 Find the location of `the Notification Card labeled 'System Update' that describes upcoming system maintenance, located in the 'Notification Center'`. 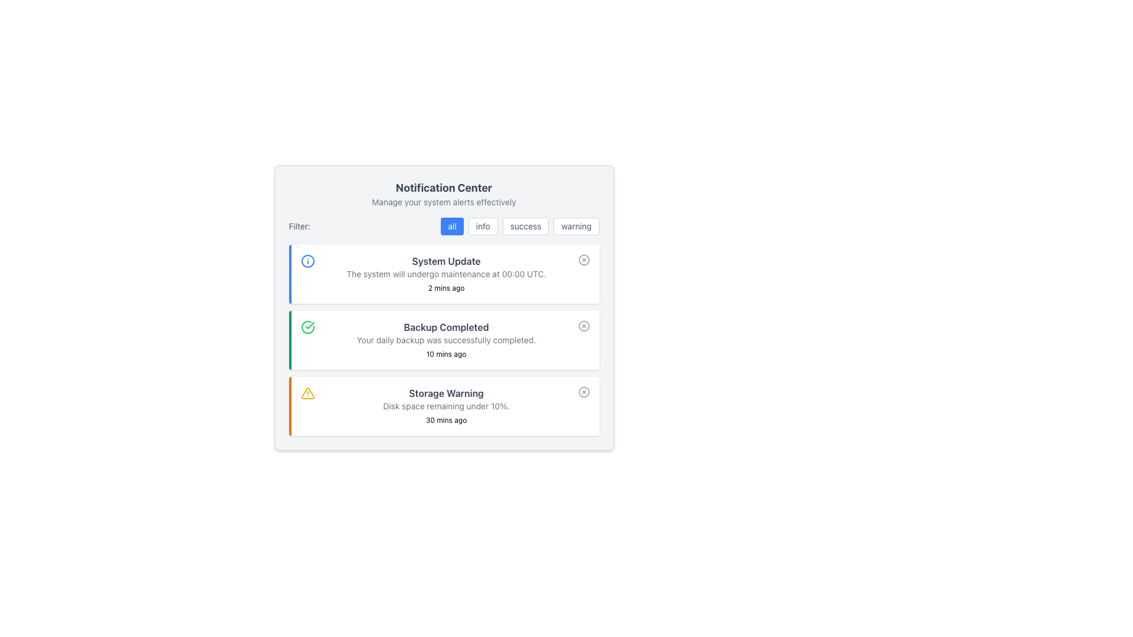

the Notification Card labeled 'System Update' that describes upcoming system maintenance, located in the 'Notification Center' is located at coordinates (446, 274).